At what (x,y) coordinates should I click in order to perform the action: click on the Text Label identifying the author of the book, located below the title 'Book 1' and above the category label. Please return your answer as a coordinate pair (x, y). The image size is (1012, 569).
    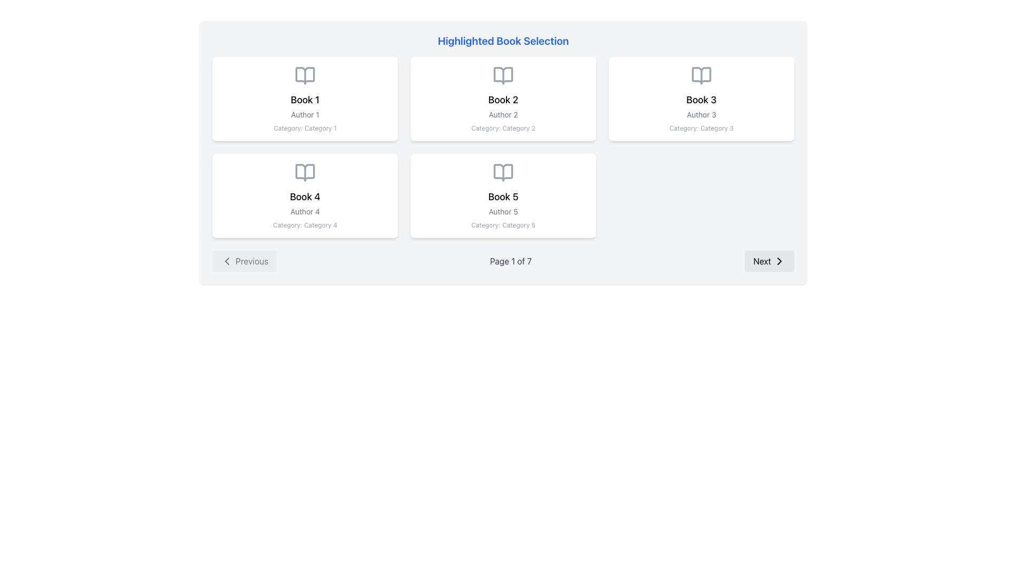
    Looking at the image, I should click on (305, 115).